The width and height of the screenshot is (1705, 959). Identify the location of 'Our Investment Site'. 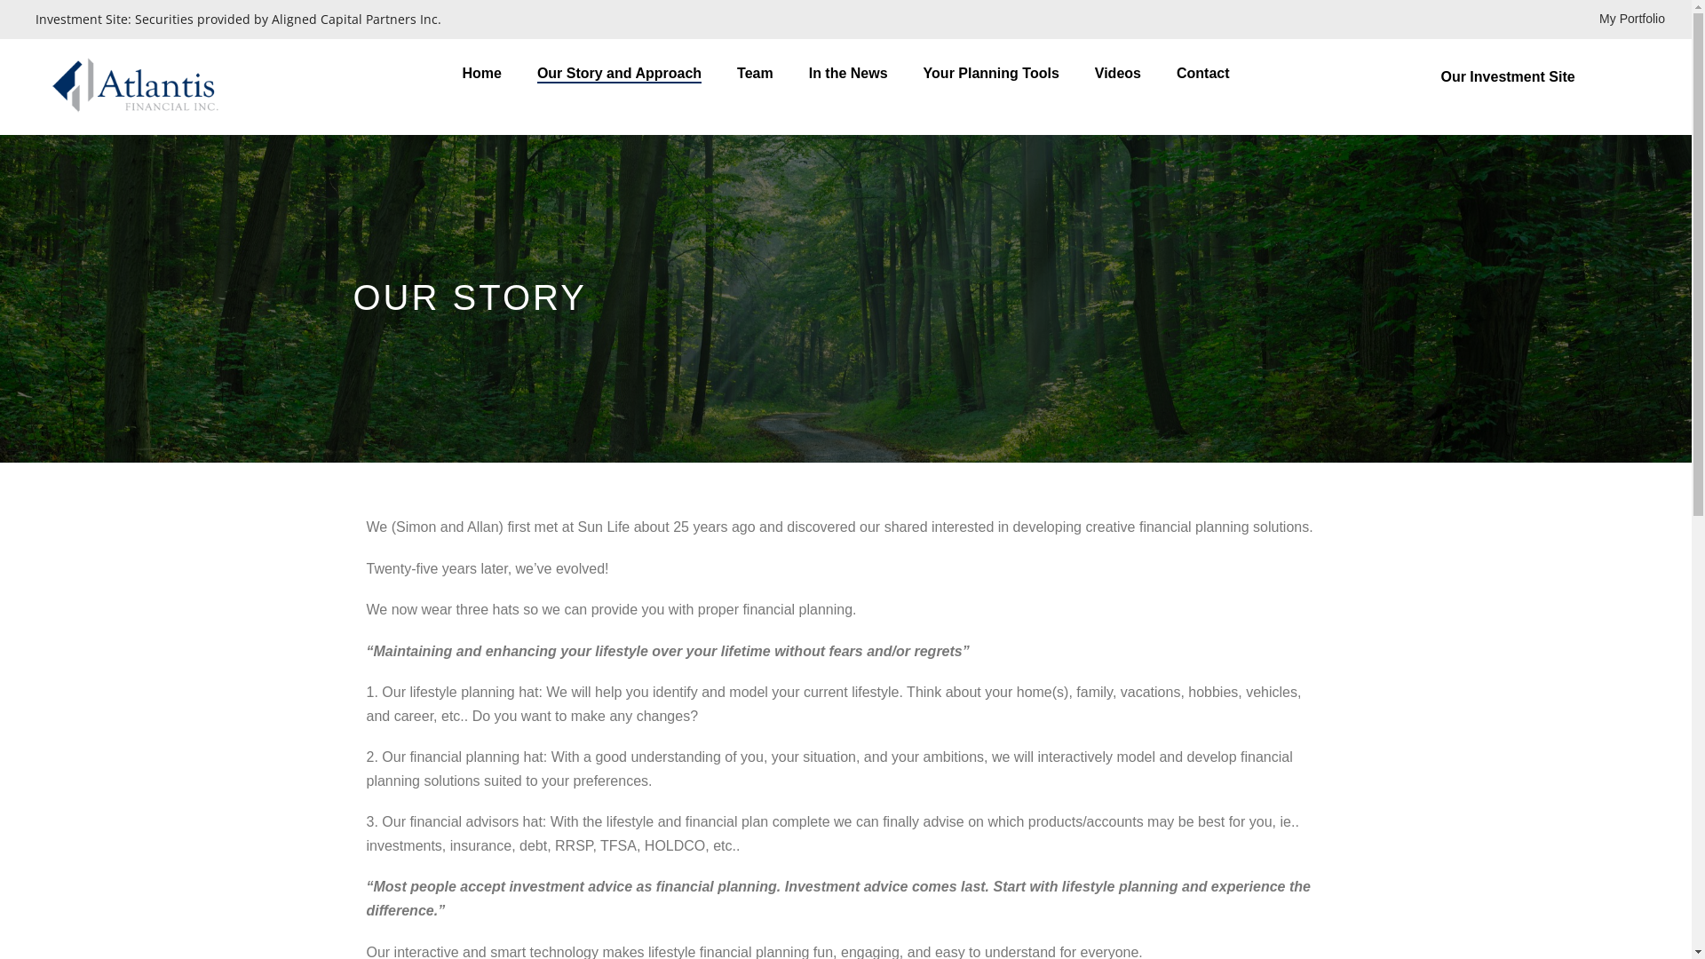
(1549, 75).